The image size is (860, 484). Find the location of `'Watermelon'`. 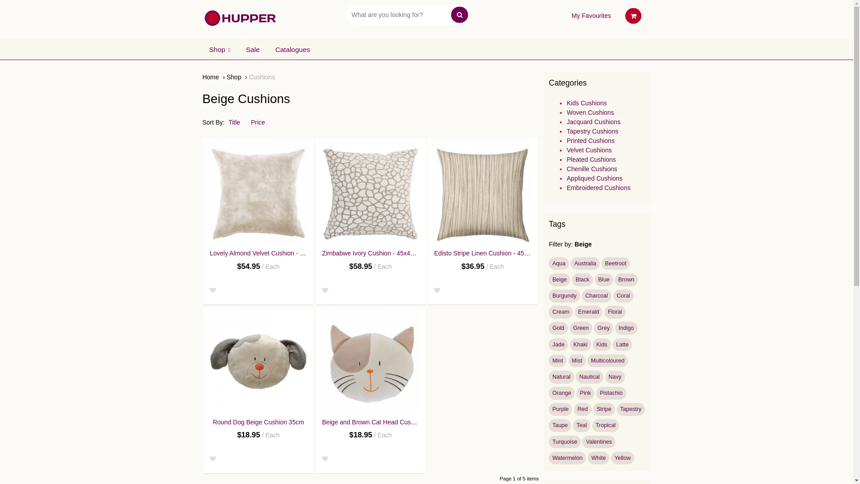

'Watermelon' is located at coordinates (567, 458).